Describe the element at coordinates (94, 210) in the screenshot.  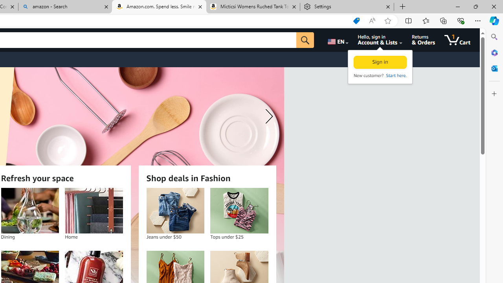
I see `'Home'` at that location.